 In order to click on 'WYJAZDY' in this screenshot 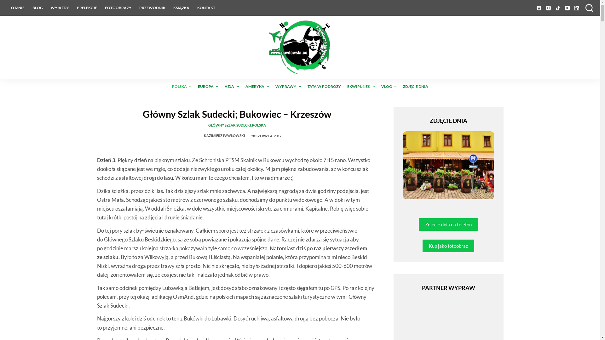, I will do `click(46, 8)`.